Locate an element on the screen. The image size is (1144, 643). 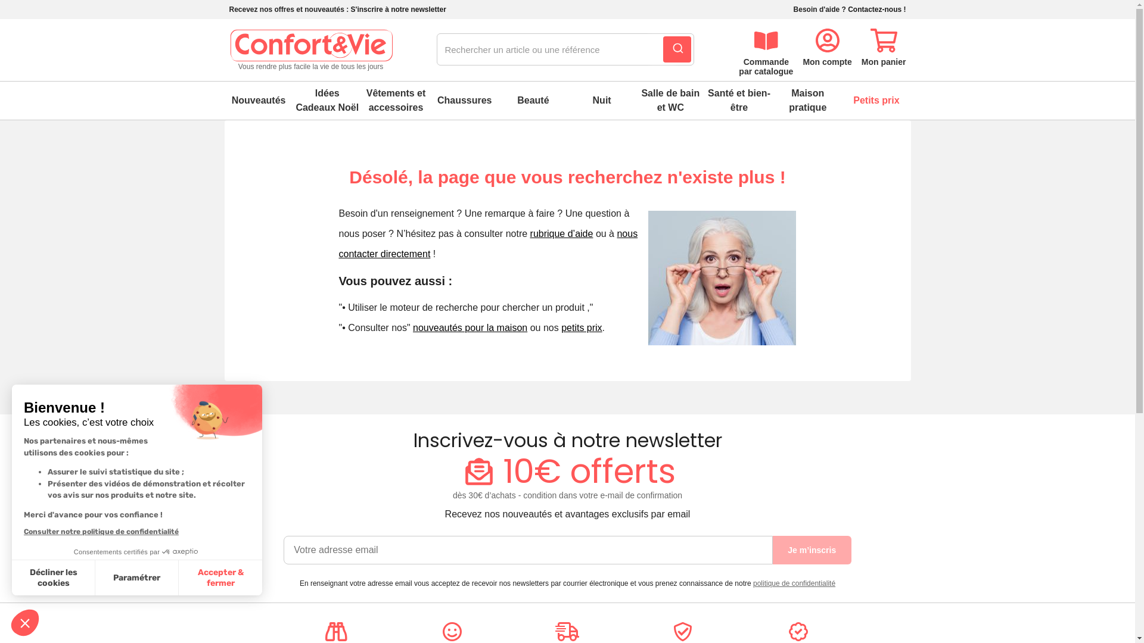
'Mon compte' is located at coordinates (826, 45).